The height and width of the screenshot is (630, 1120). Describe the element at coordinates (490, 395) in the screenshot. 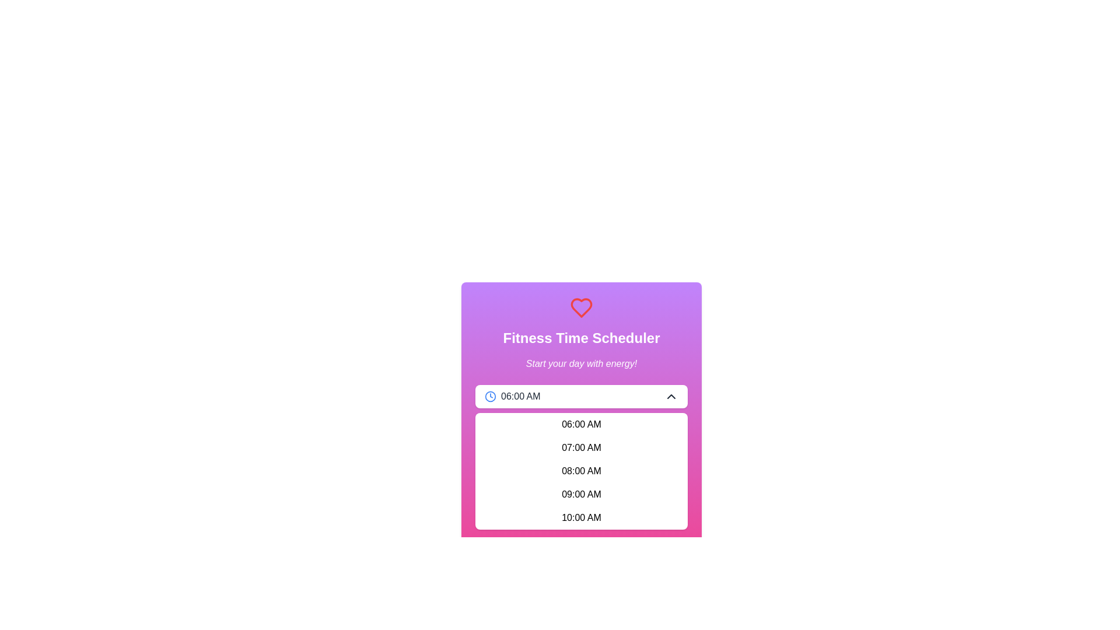

I see `the outer circle of the clock icon located to the far left of the '06:00 AM' time in the dropdown menu's header` at that location.